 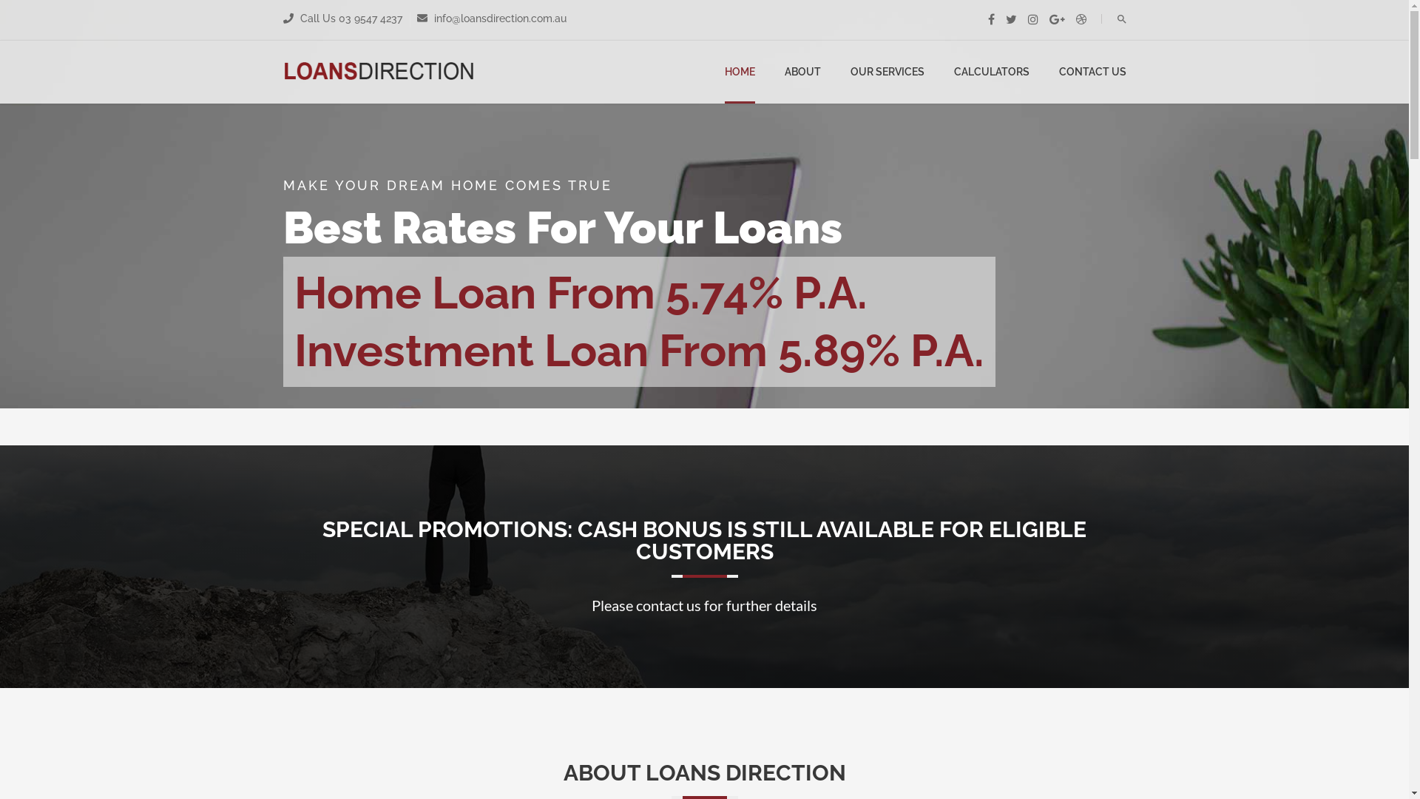 I want to click on 'CALCULATORS', so click(x=954, y=72).